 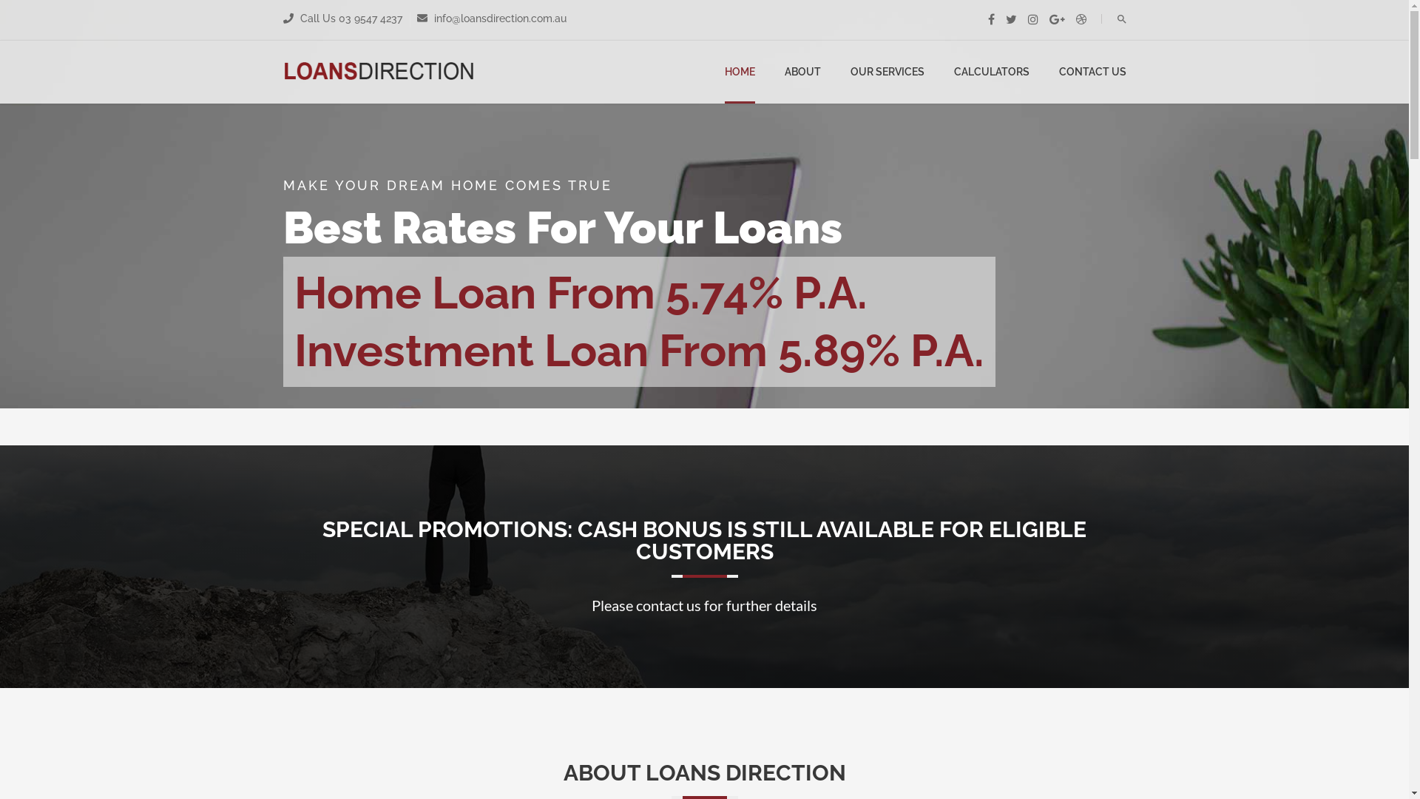 I want to click on 'CALCULATORS', so click(x=954, y=72).